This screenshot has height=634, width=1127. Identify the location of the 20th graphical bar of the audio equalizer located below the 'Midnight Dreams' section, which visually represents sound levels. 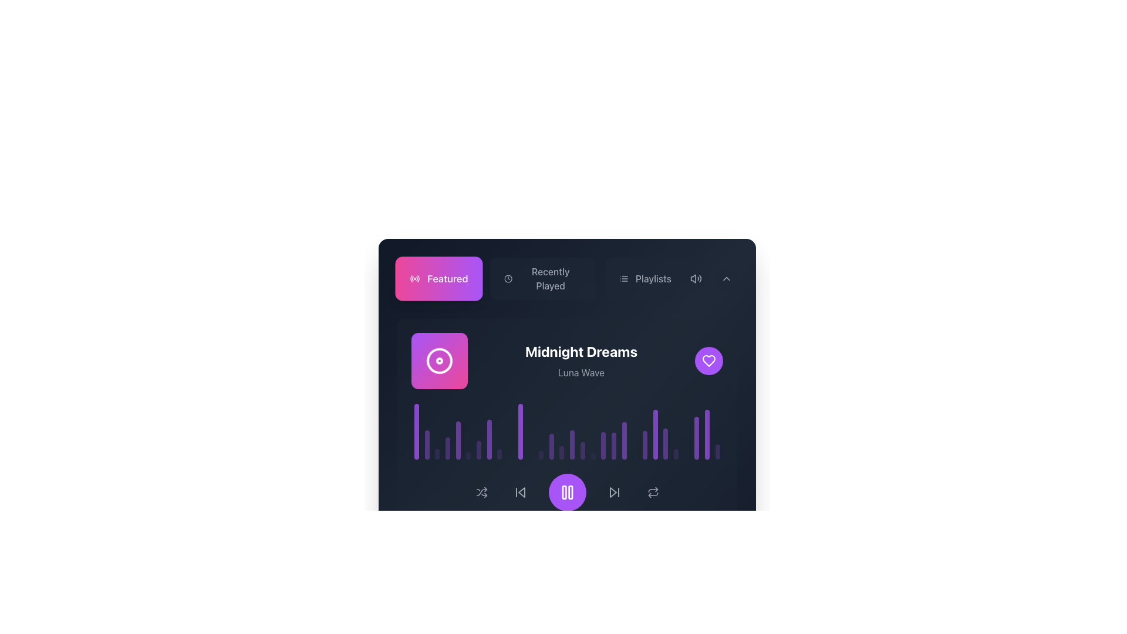
(623, 441).